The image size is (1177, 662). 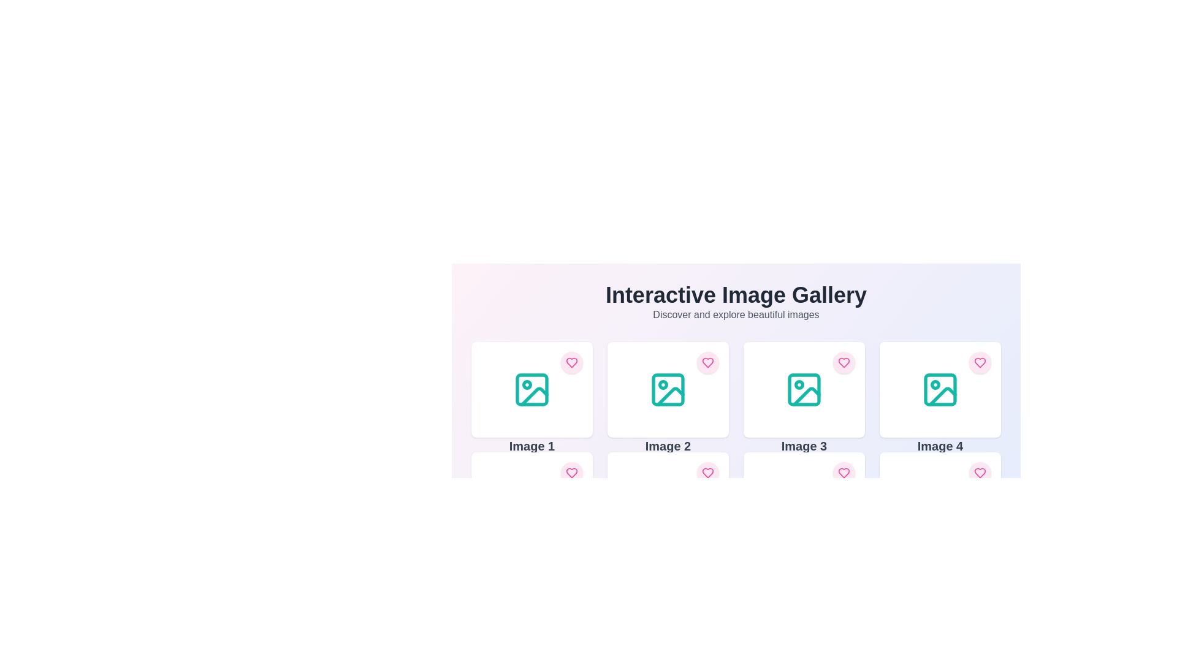 What do you see at coordinates (532, 390) in the screenshot?
I see `the interactive card labeled 'Image 1' located in the top-left corner of the grid layout` at bounding box center [532, 390].